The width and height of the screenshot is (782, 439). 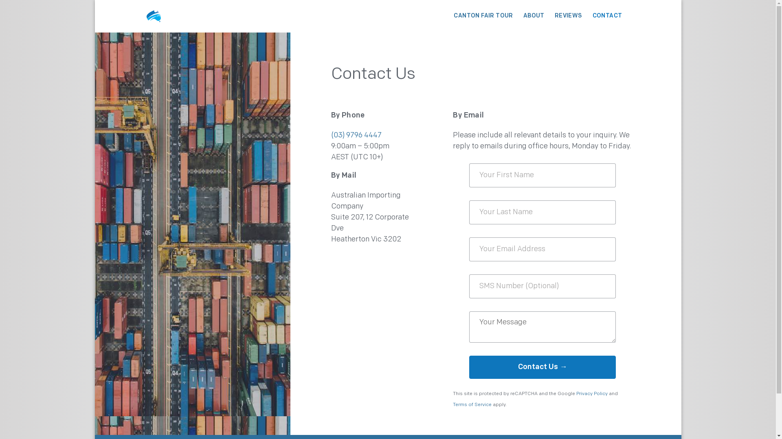 I want to click on 'ABOUT', so click(x=534, y=16).